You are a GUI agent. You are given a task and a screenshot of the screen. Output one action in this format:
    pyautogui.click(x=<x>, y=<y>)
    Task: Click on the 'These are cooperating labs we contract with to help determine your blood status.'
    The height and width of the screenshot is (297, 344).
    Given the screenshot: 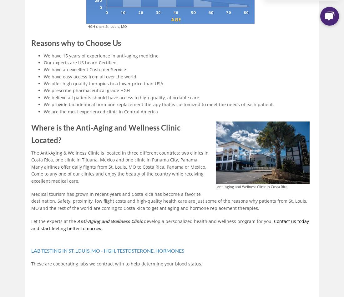 What is the action you would take?
    pyautogui.click(x=117, y=263)
    